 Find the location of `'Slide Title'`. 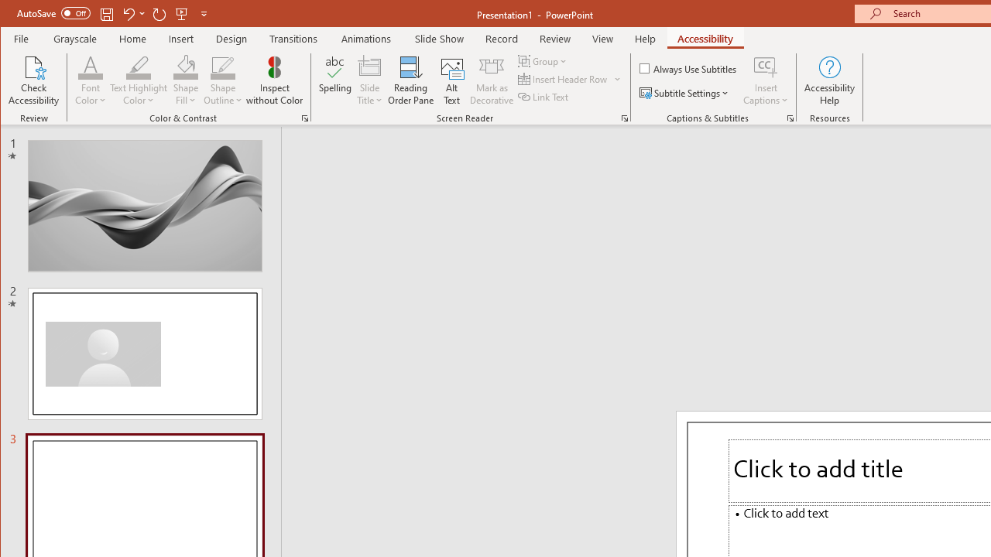

'Slide Title' is located at coordinates (369, 66).